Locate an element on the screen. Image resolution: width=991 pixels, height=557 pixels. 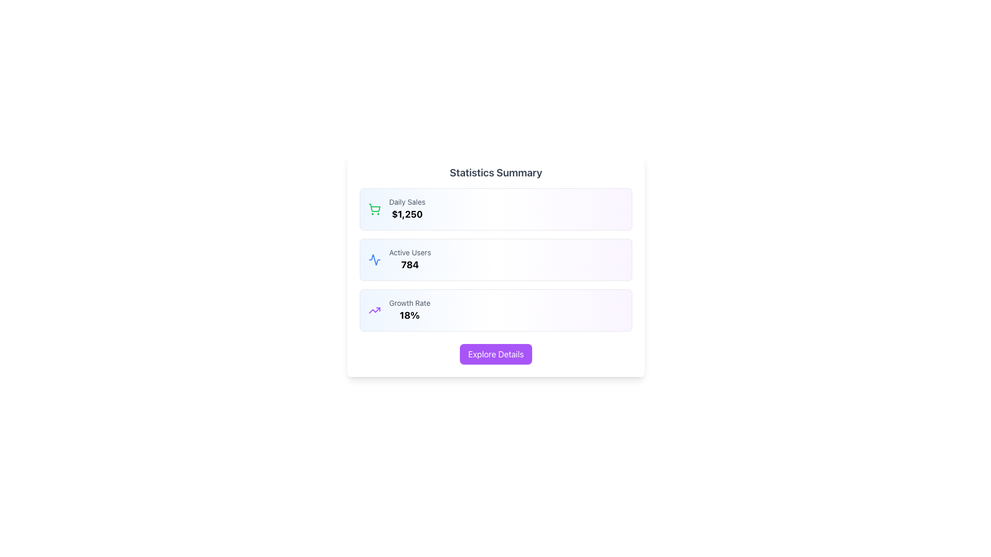
the Statistical information display field, which shows daily sales statistics and is located in the first box of the statistical summary section, near the top left and below a green shopping cart icon is located at coordinates (407, 209).